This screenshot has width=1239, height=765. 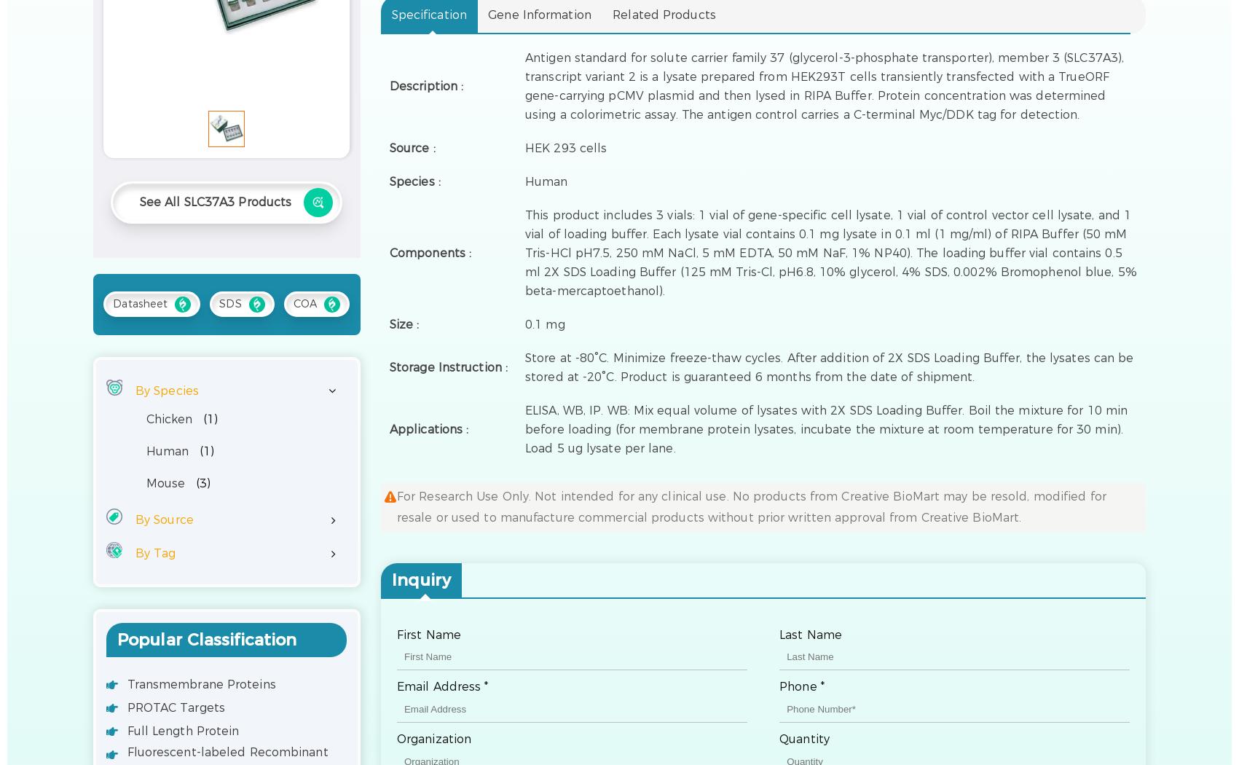 I want to click on 'Email Address *', so click(x=441, y=686).